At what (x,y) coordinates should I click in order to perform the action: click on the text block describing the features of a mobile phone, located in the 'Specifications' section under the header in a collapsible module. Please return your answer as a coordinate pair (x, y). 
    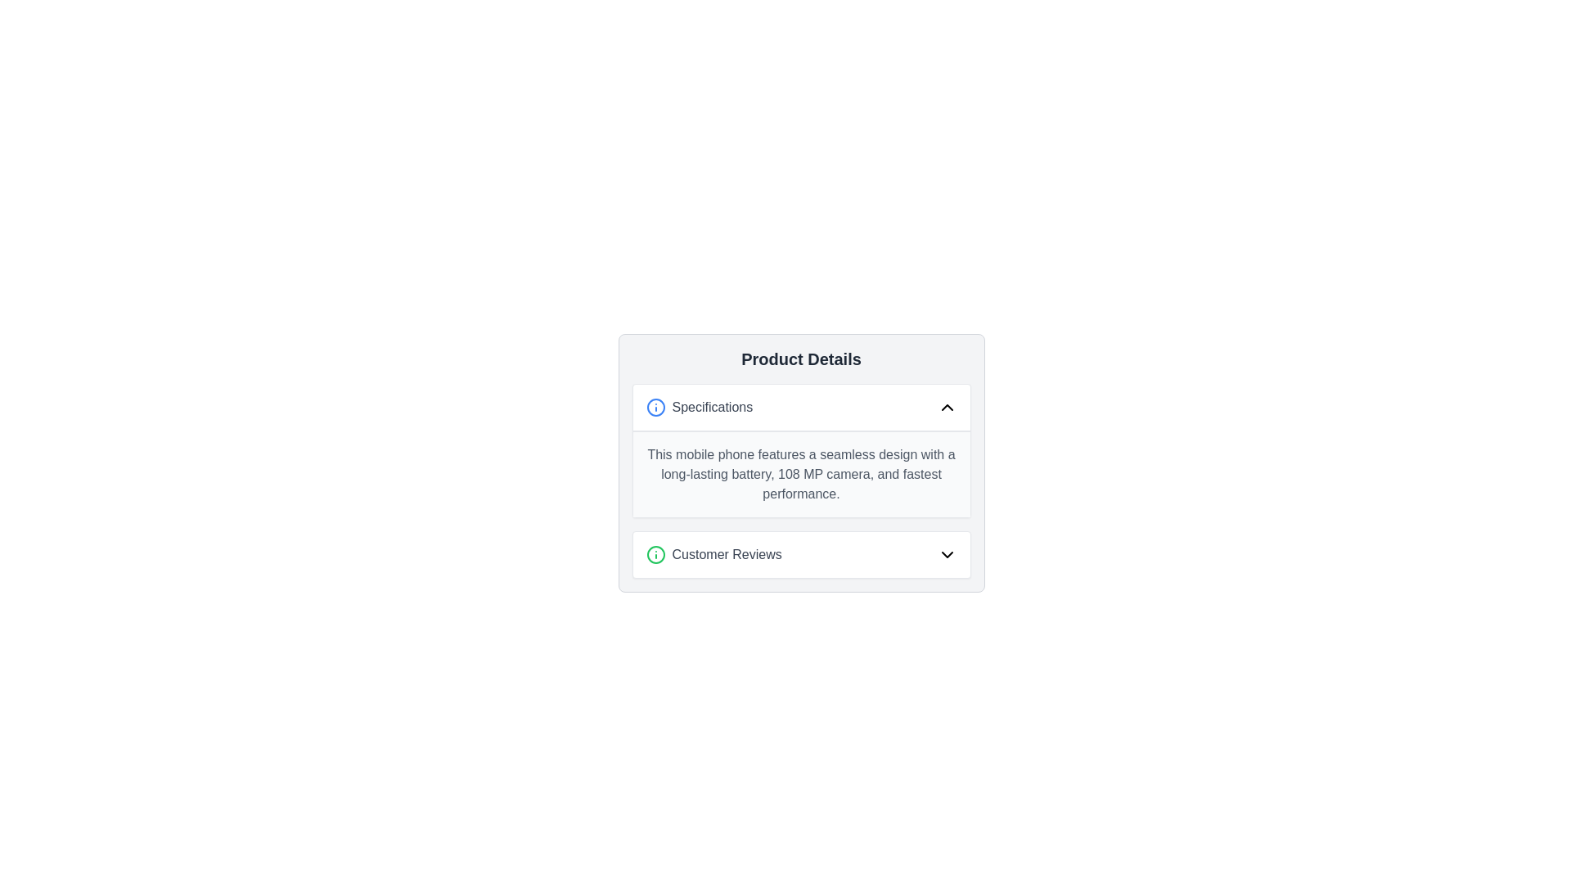
    Looking at the image, I should click on (801, 473).